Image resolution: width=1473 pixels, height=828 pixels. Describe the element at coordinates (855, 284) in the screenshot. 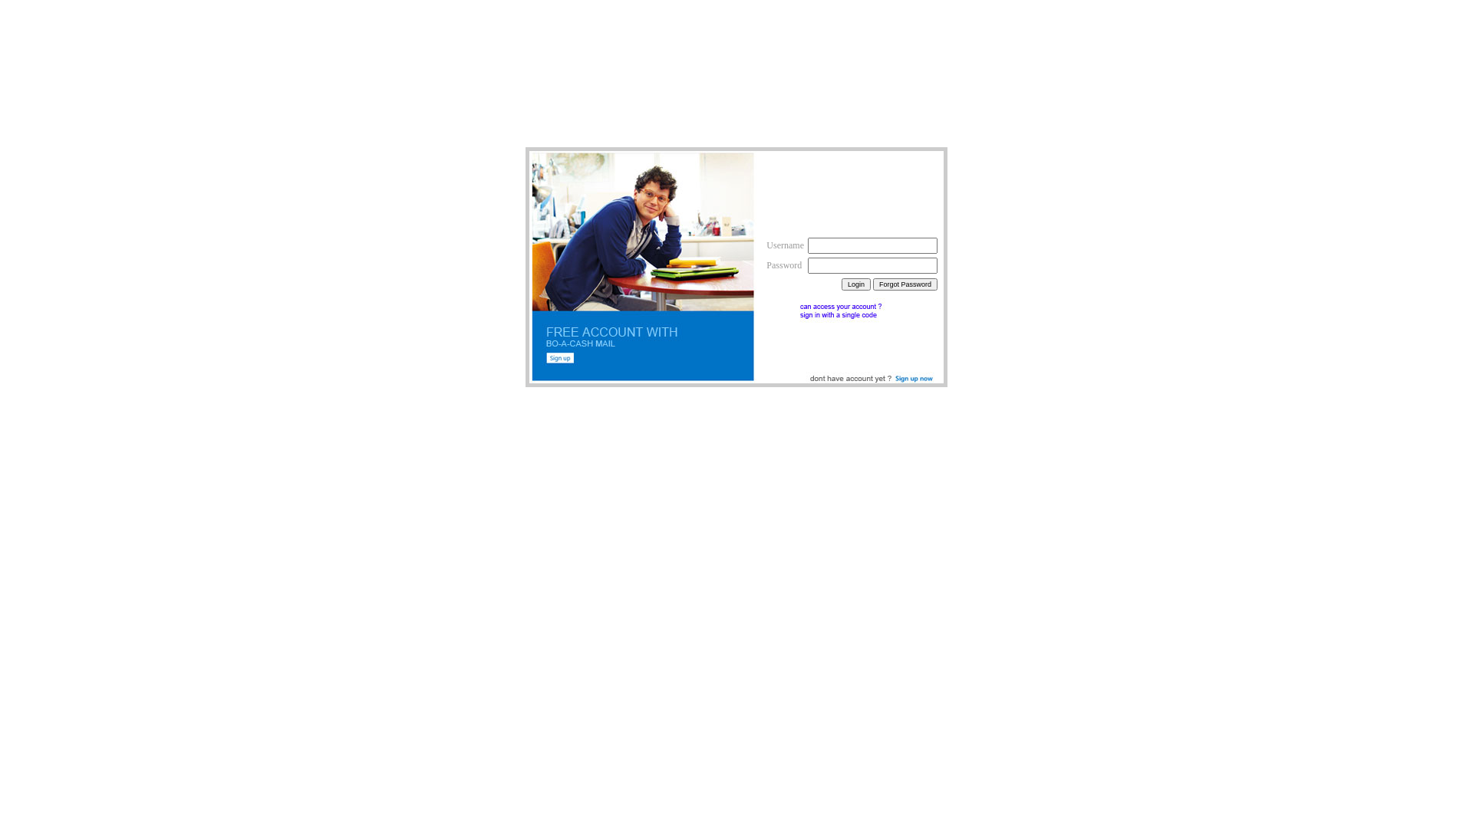

I see `'Login'` at that location.